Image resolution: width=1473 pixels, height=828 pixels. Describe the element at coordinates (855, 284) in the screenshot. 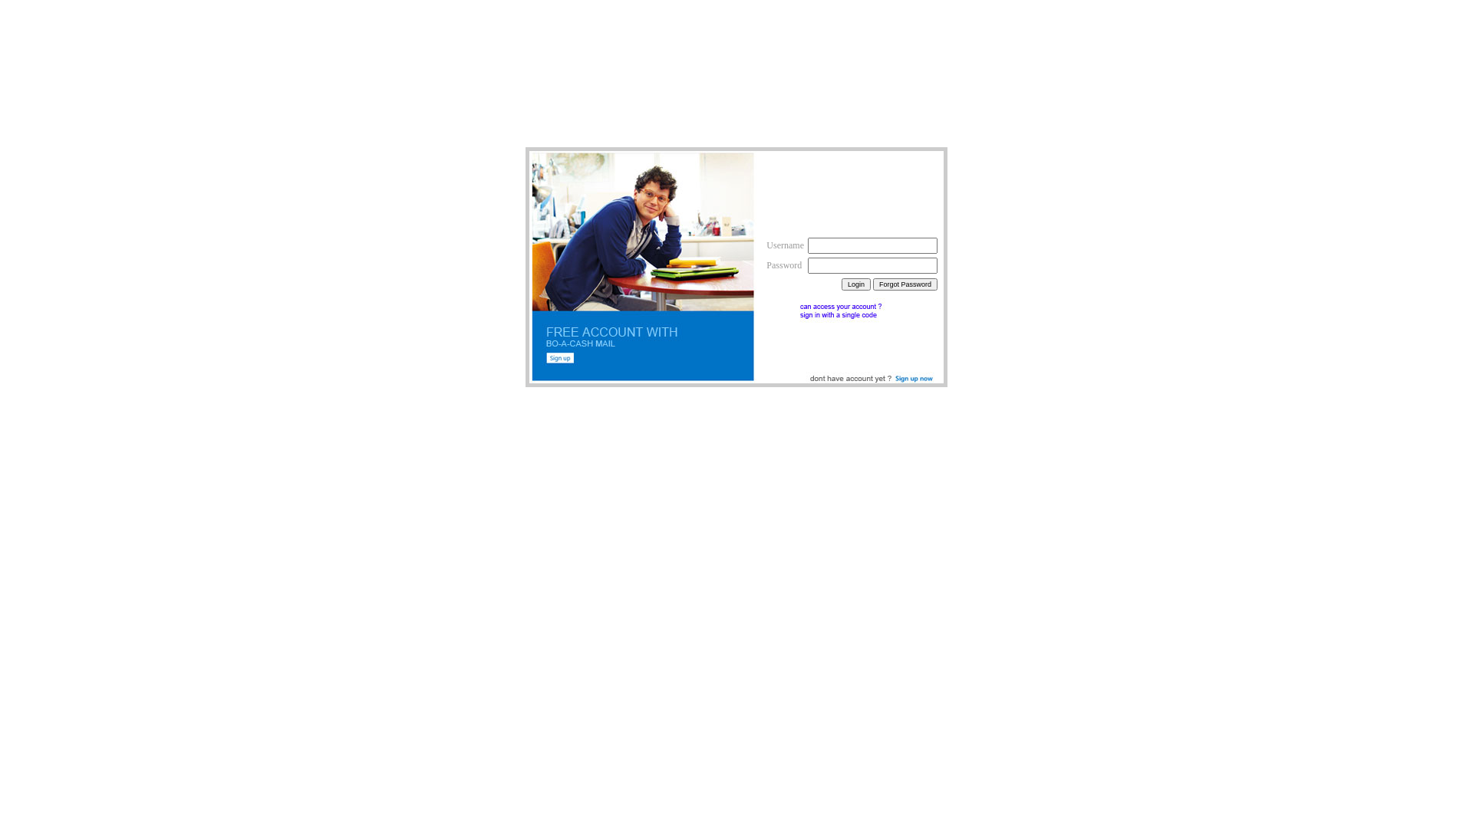

I see `'Login'` at that location.